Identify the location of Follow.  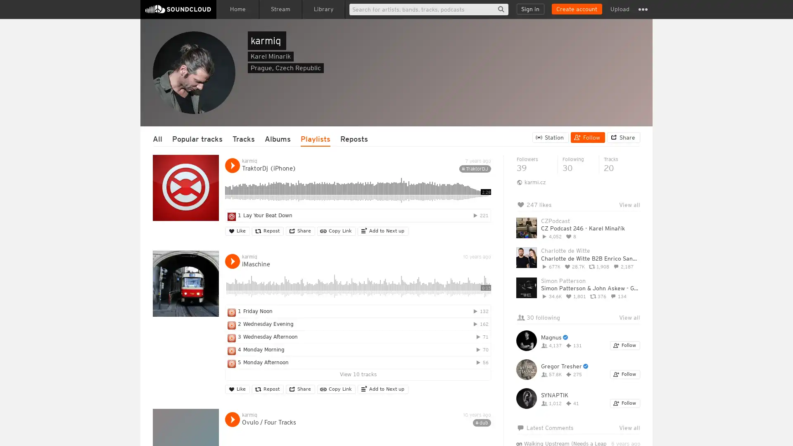
(625, 403).